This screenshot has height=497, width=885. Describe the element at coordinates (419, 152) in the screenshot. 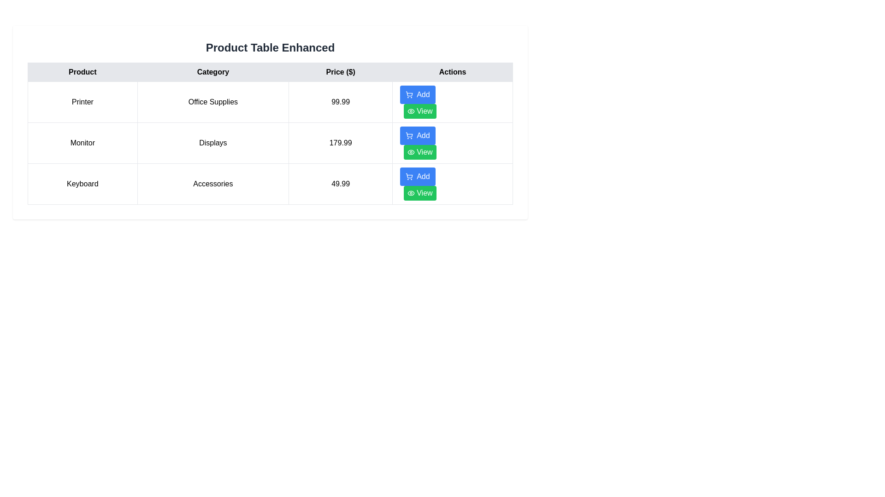

I see `the button in the 'Actions' column of the second row next to the price '179.99' and the product 'Monitor'` at that location.